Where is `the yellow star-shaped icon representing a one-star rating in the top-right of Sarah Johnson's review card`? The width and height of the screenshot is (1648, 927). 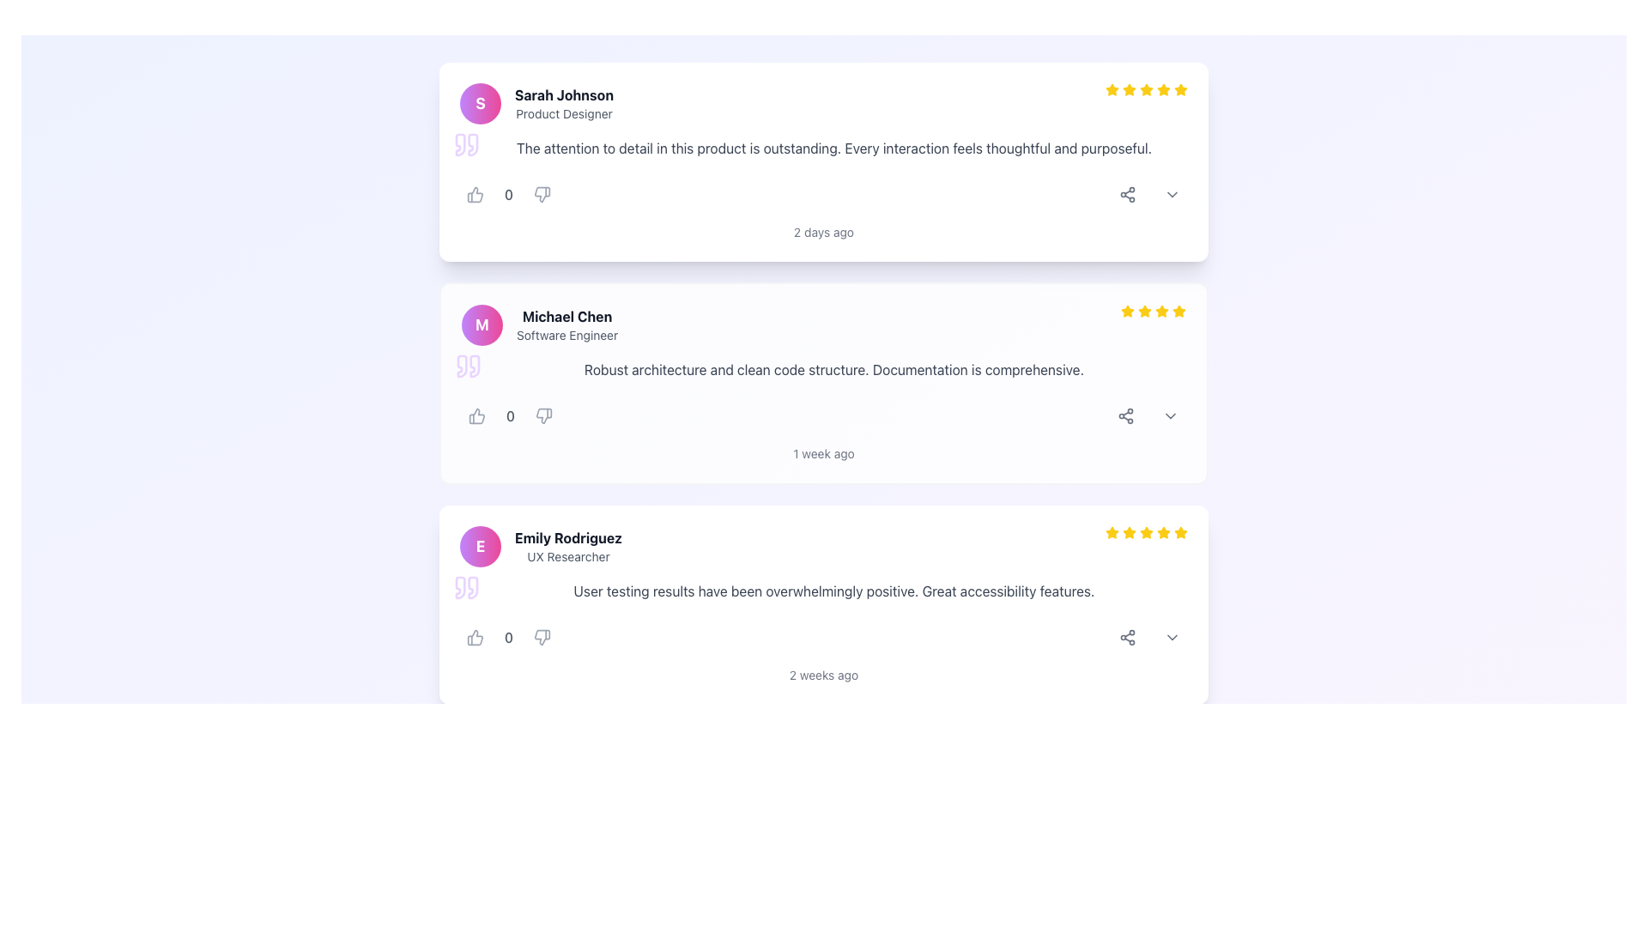
the yellow star-shaped icon representing a one-star rating in the top-right of Sarah Johnson's review card is located at coordinates (1112, 89).